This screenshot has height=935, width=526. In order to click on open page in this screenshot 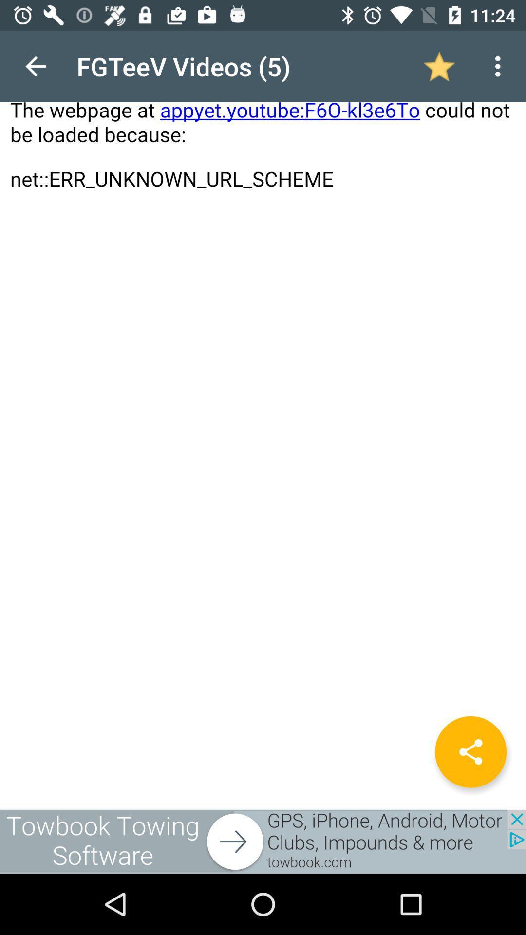, I will do `click(263, 420)`.